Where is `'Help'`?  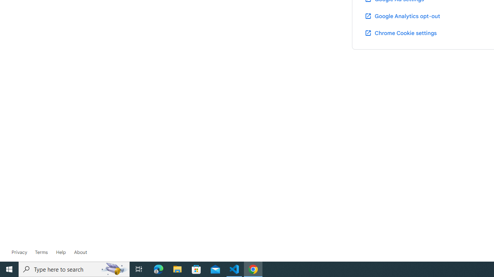
'Help' is located at coordinates (61, 252).